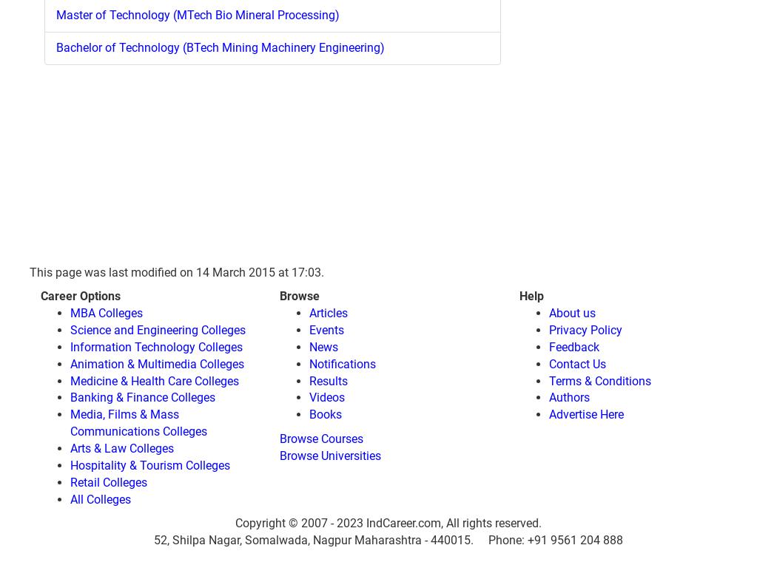 Image resolution: width=777 pixels, height=565 pixels. I want to click on 'Articles', so click(328, 312).